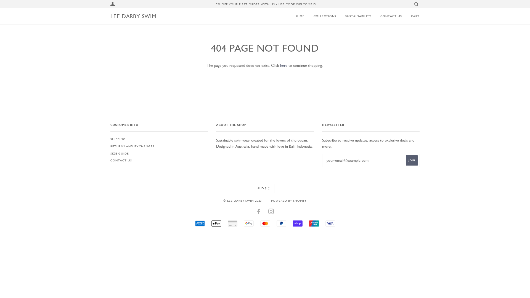 This screenshot has height=298, width=530. What do you see at coordinates (133, 16) in the screenshot?
I see `'LEE DARBY SWIM'` at bounding box center [133, 16].